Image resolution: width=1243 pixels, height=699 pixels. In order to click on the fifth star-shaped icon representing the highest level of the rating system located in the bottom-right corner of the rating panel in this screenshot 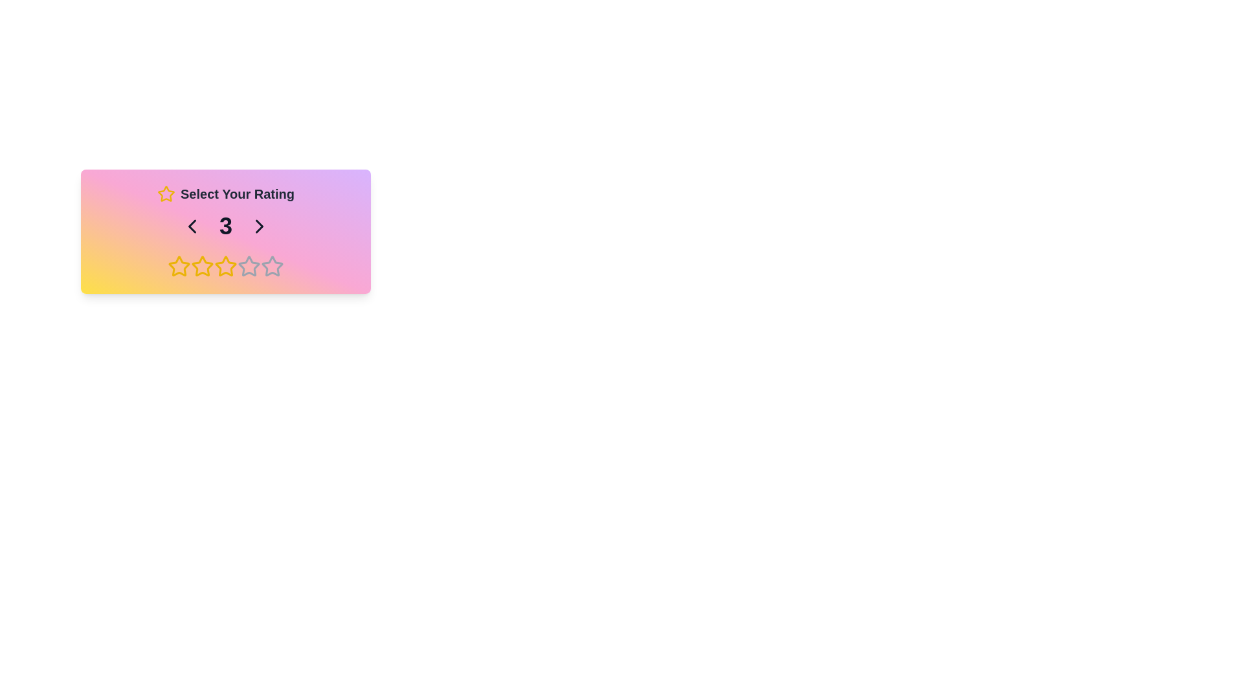, I will do `click(272, 265)`.